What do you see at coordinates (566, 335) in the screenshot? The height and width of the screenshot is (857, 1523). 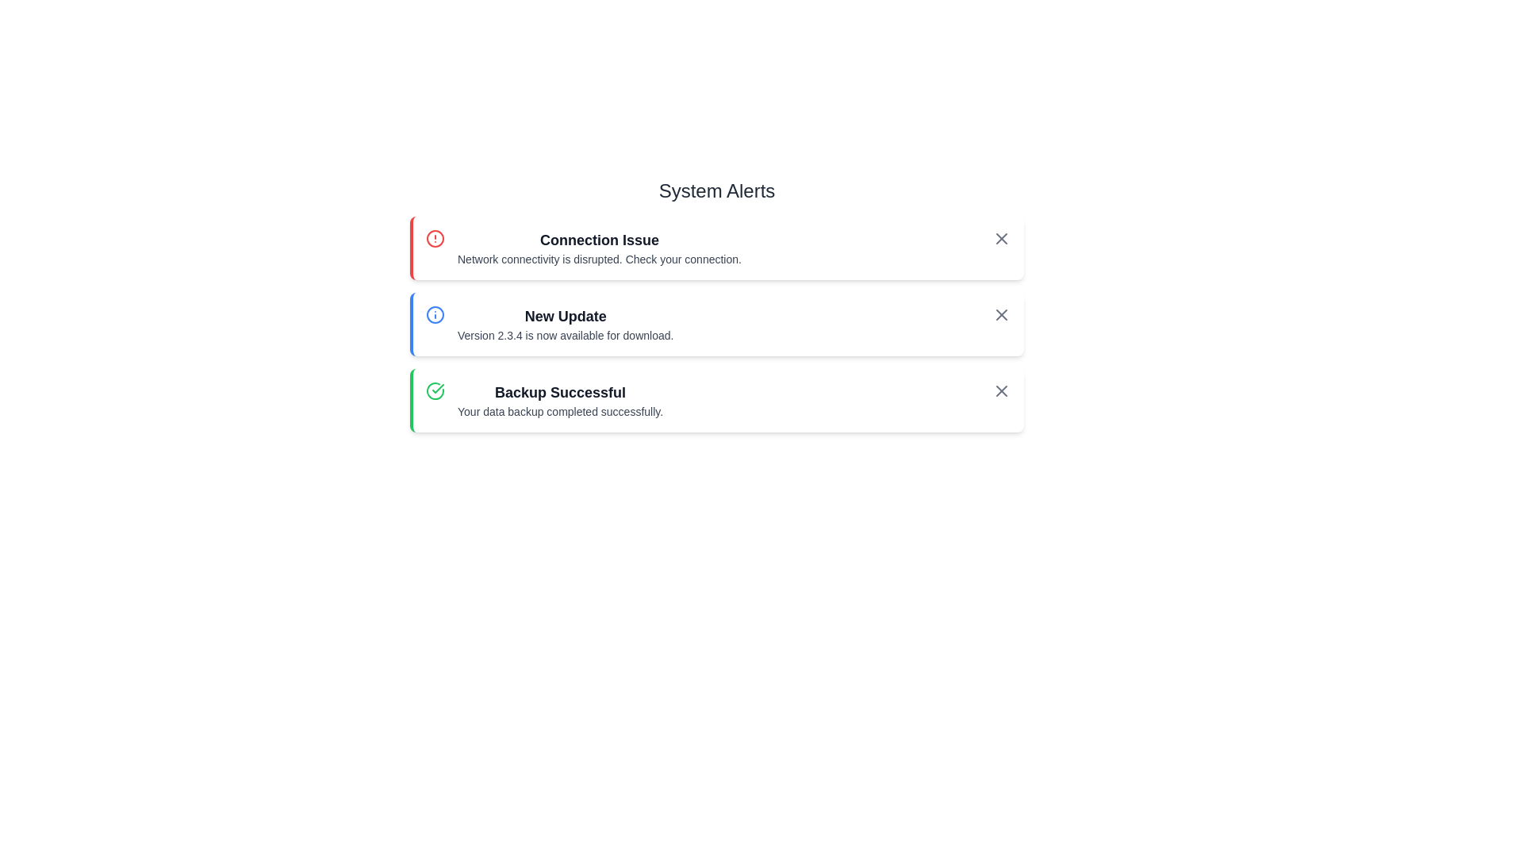 I see `the text label stating 'Version 2.3.4 is now available for download.' which is located beneath the heading 'New Update' in the second notification card` at bounding box center [566, 335].